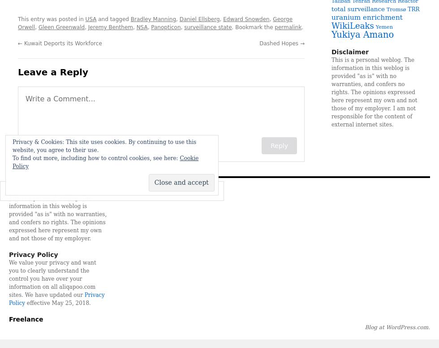 The image size is (439, 348). I want to click on 'Dashed Hopes', so click(279, 43).